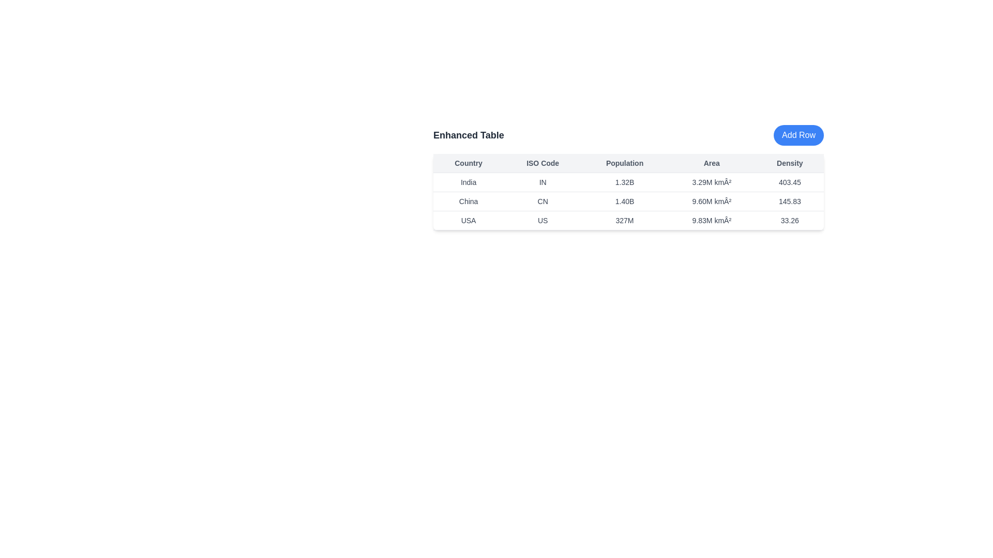 This screenshot has width=993, height=558. Describe the element at coordinates (628, 192) in the screenshot. I see `the text within the table displaying information about countries, located under the heading 'Enhanced Table' and below the 'Add Row' button` at that location.